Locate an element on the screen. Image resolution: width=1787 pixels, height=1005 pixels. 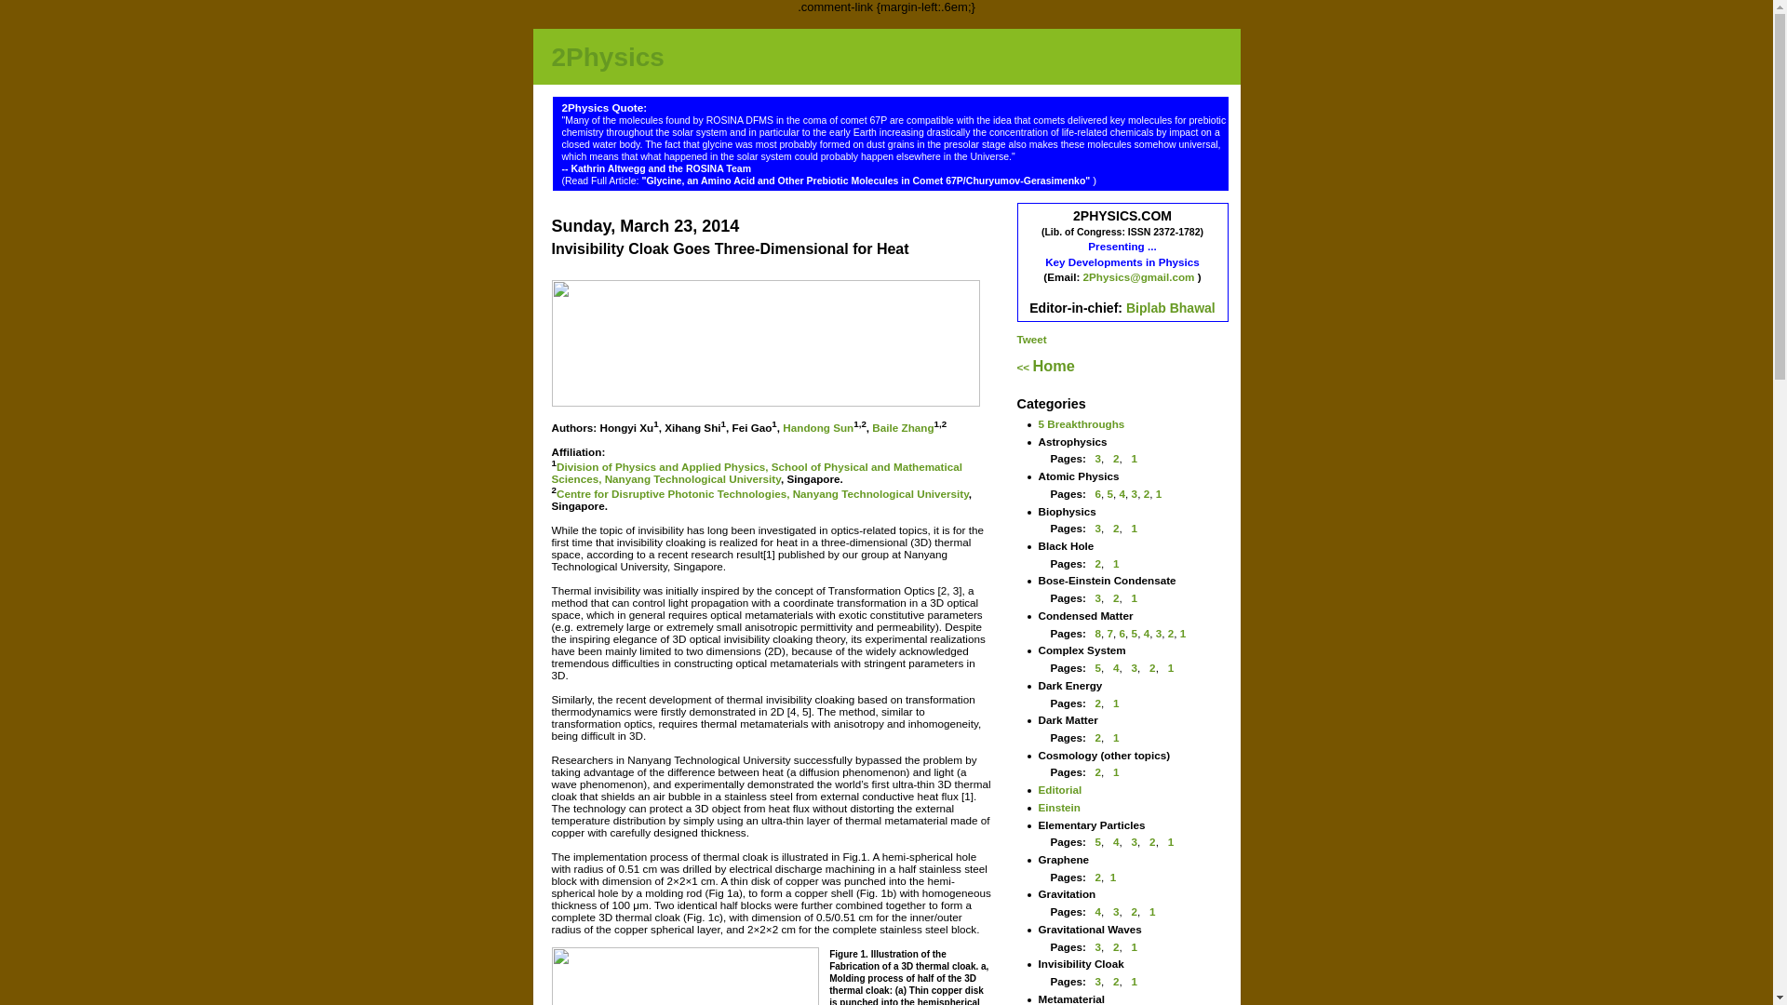
'<< Home' is located at coordinates (1045, 367).